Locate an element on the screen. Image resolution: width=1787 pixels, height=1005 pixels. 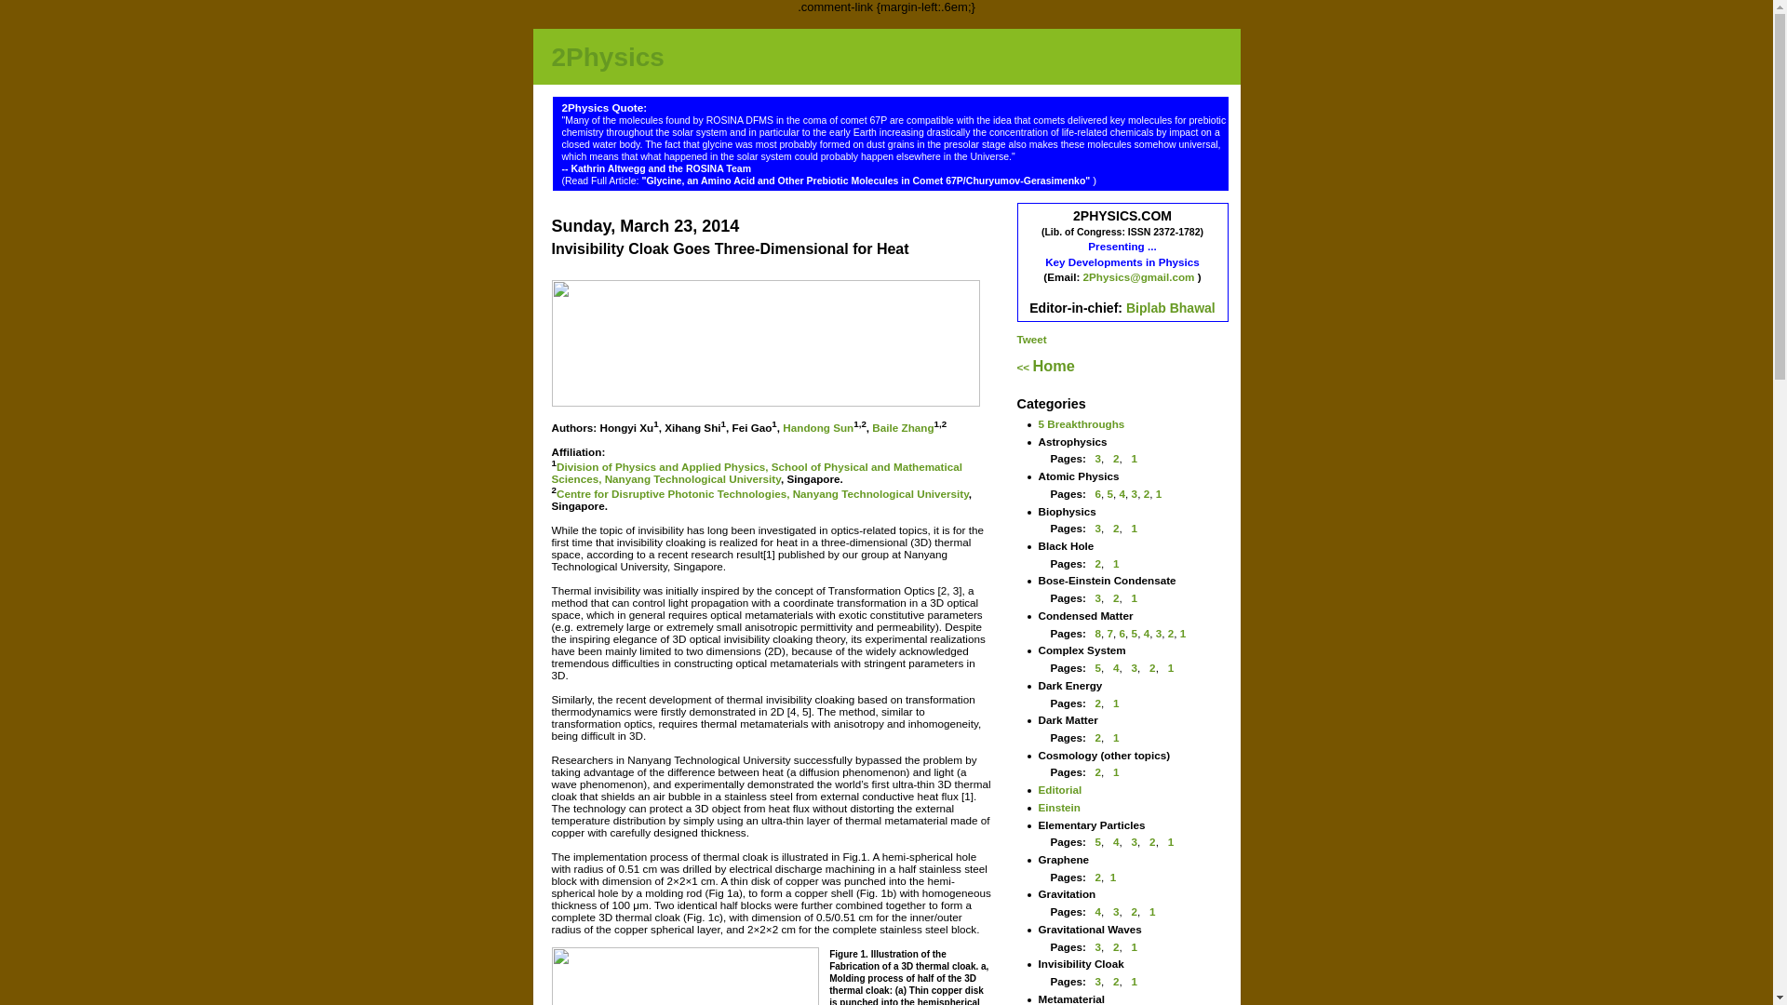
'<< Home' is located at coordinates (1045, 367).